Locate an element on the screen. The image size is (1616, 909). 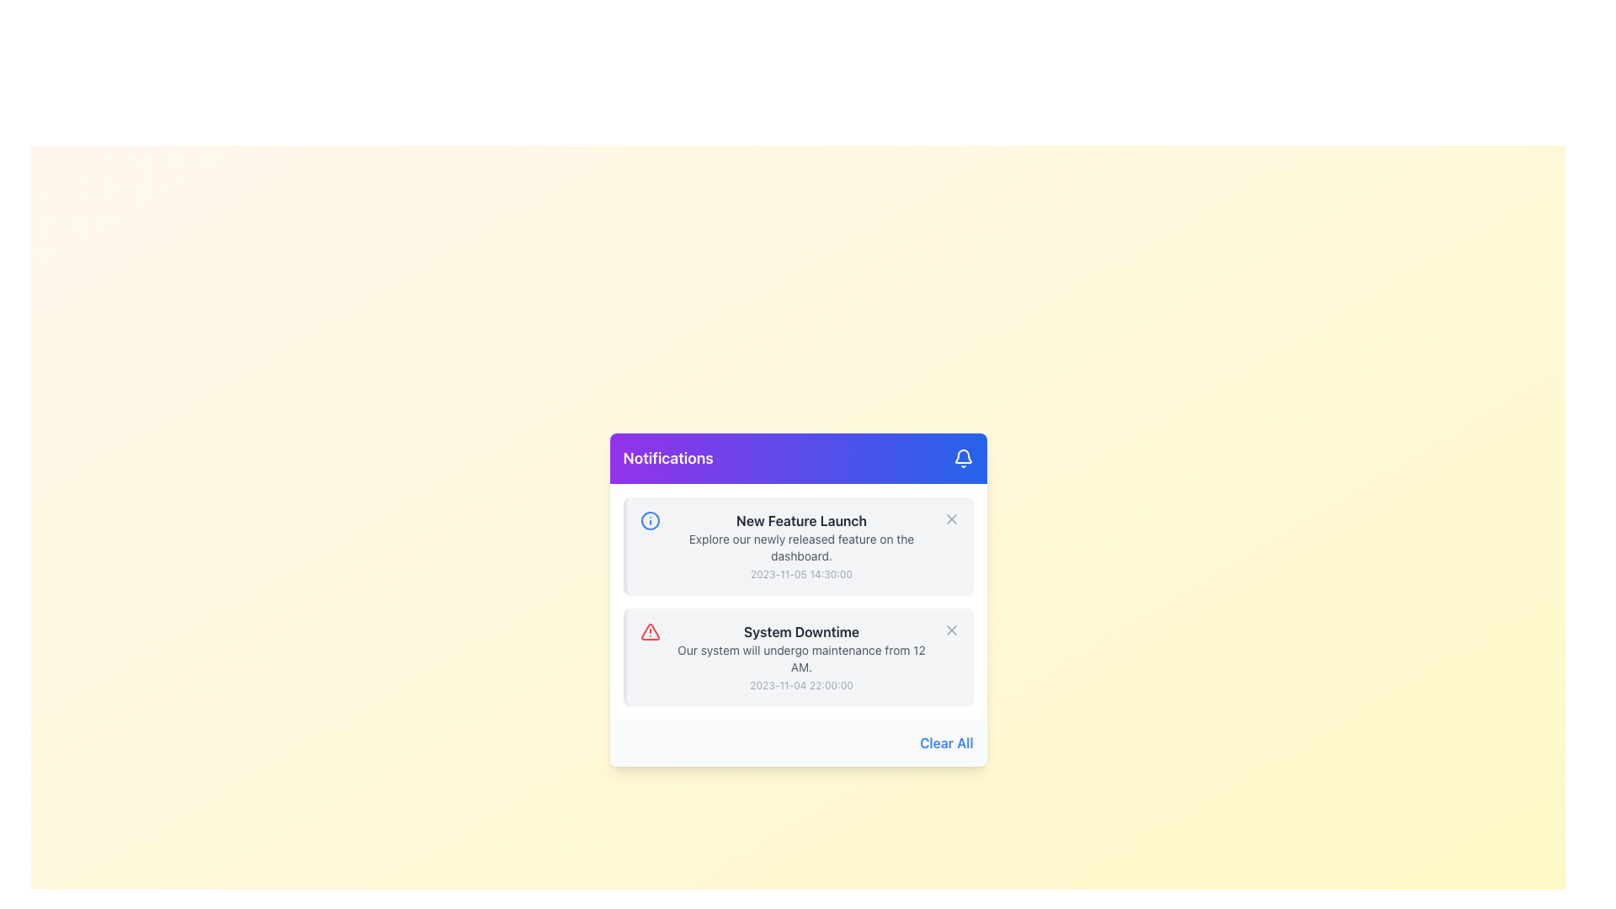
the close button located at the top-right corner of the 'New Feature Launch' notification card to change its color is located at coordinates (951, 518).